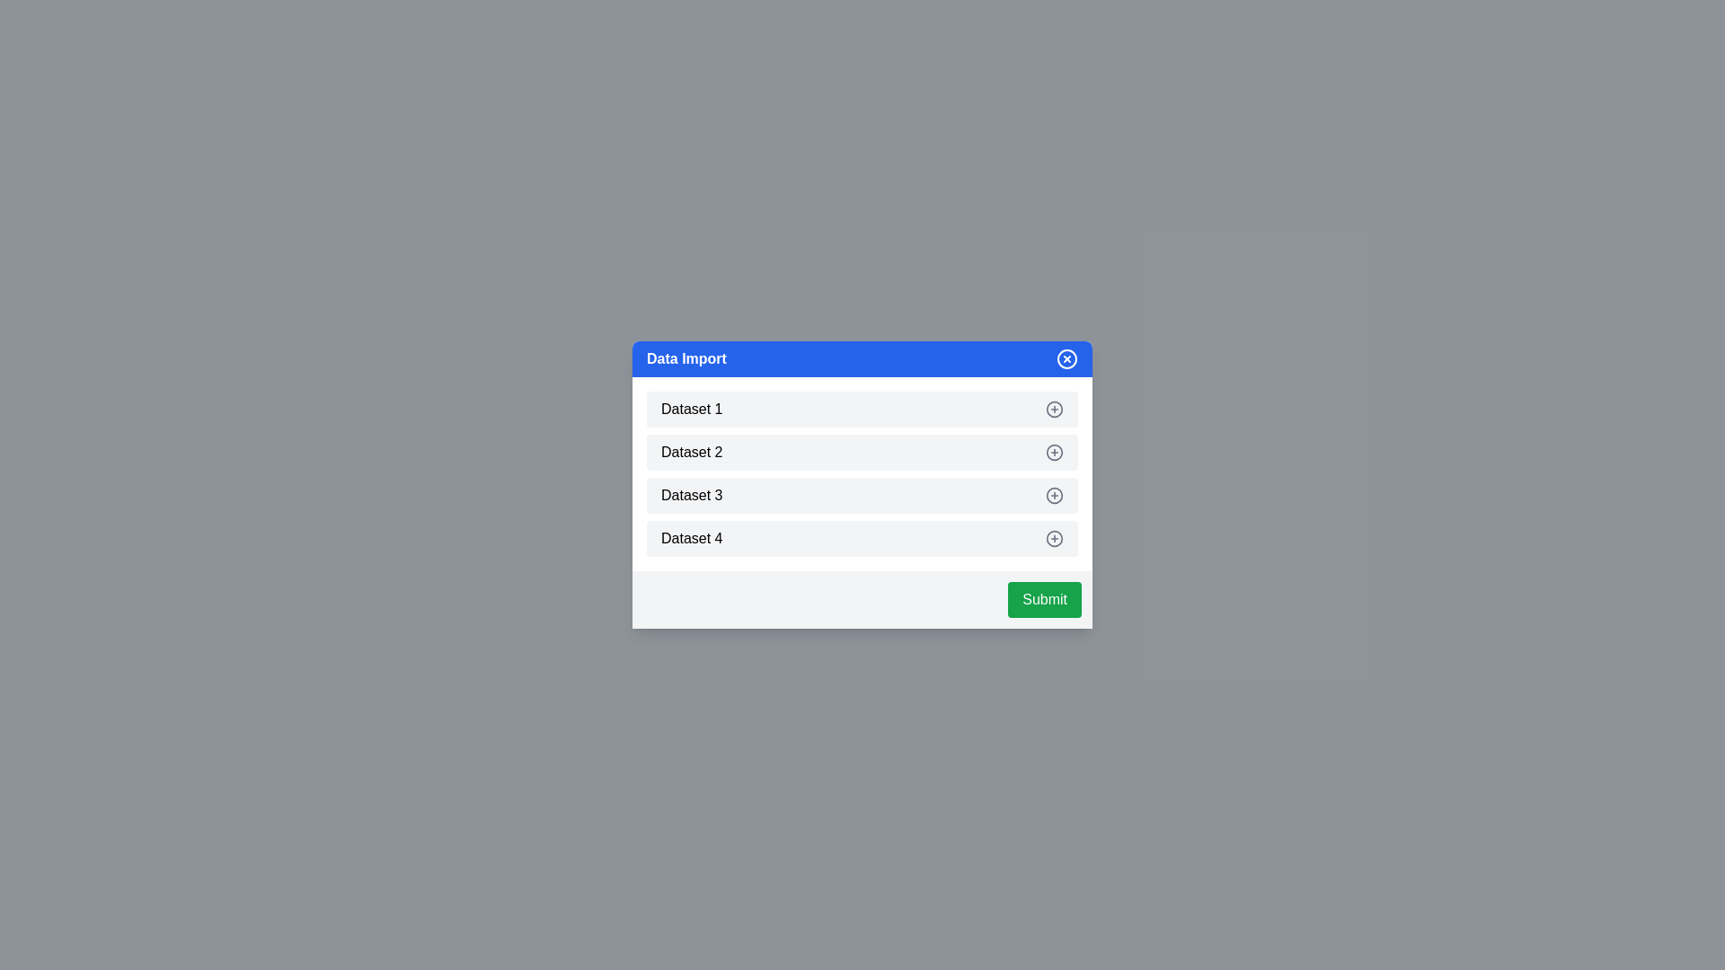 The width and height of the screenshot is (1725, 970). What do you see at coordinates (862, 359) in the screenshot?
I see `the dialog title and text content to read the information` at bounding box center [862, 359].